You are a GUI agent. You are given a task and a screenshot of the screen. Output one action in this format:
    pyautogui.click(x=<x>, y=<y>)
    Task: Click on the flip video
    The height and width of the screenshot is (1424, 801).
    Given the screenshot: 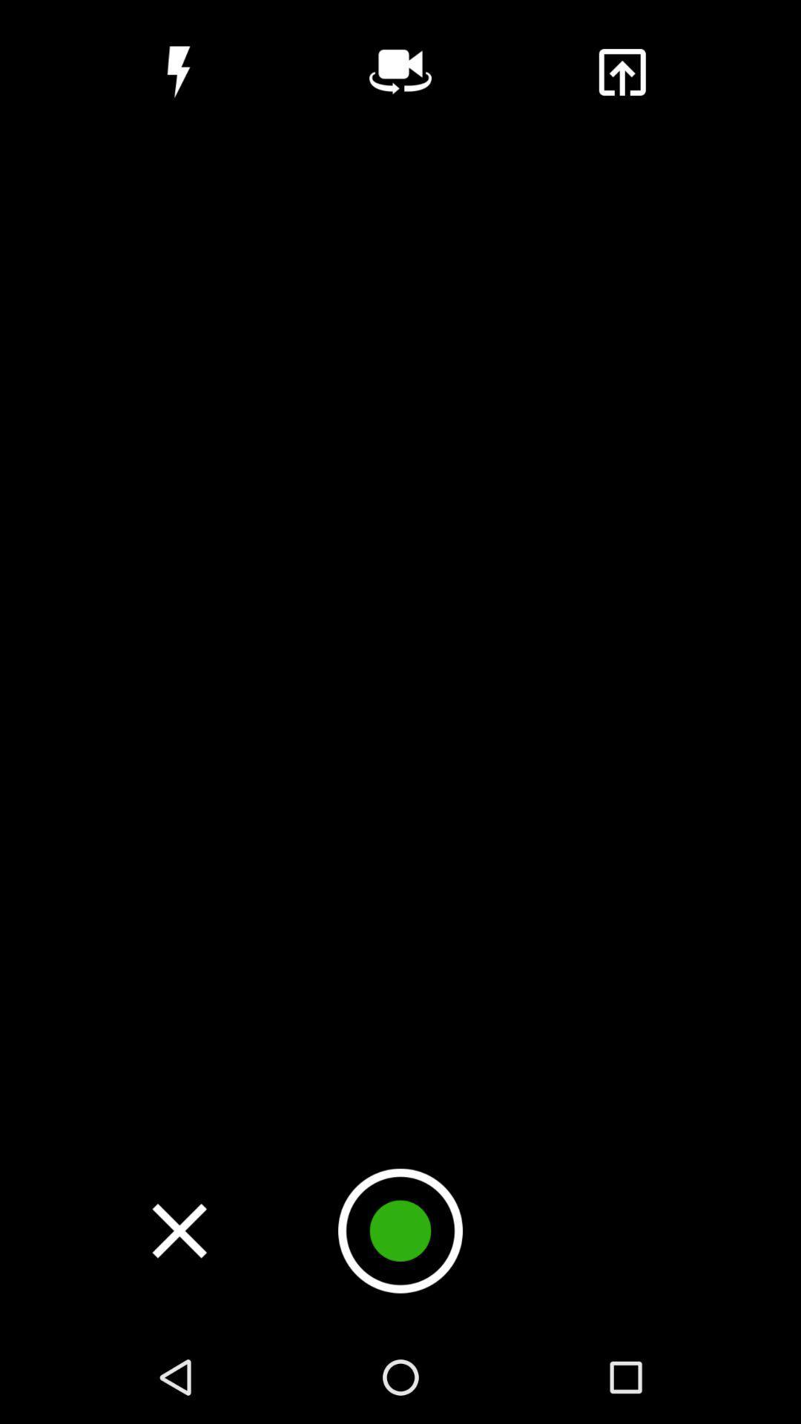 What is the action you would take?
    pyautogui.click(x=400, y=71)
    